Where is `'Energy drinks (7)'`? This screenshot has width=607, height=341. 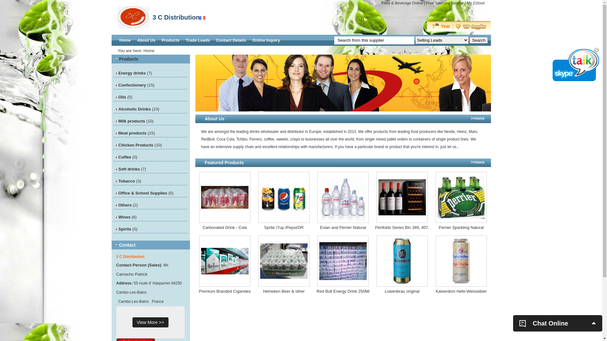
'Energy drinks (7)' is located at coordinates (135, 73).